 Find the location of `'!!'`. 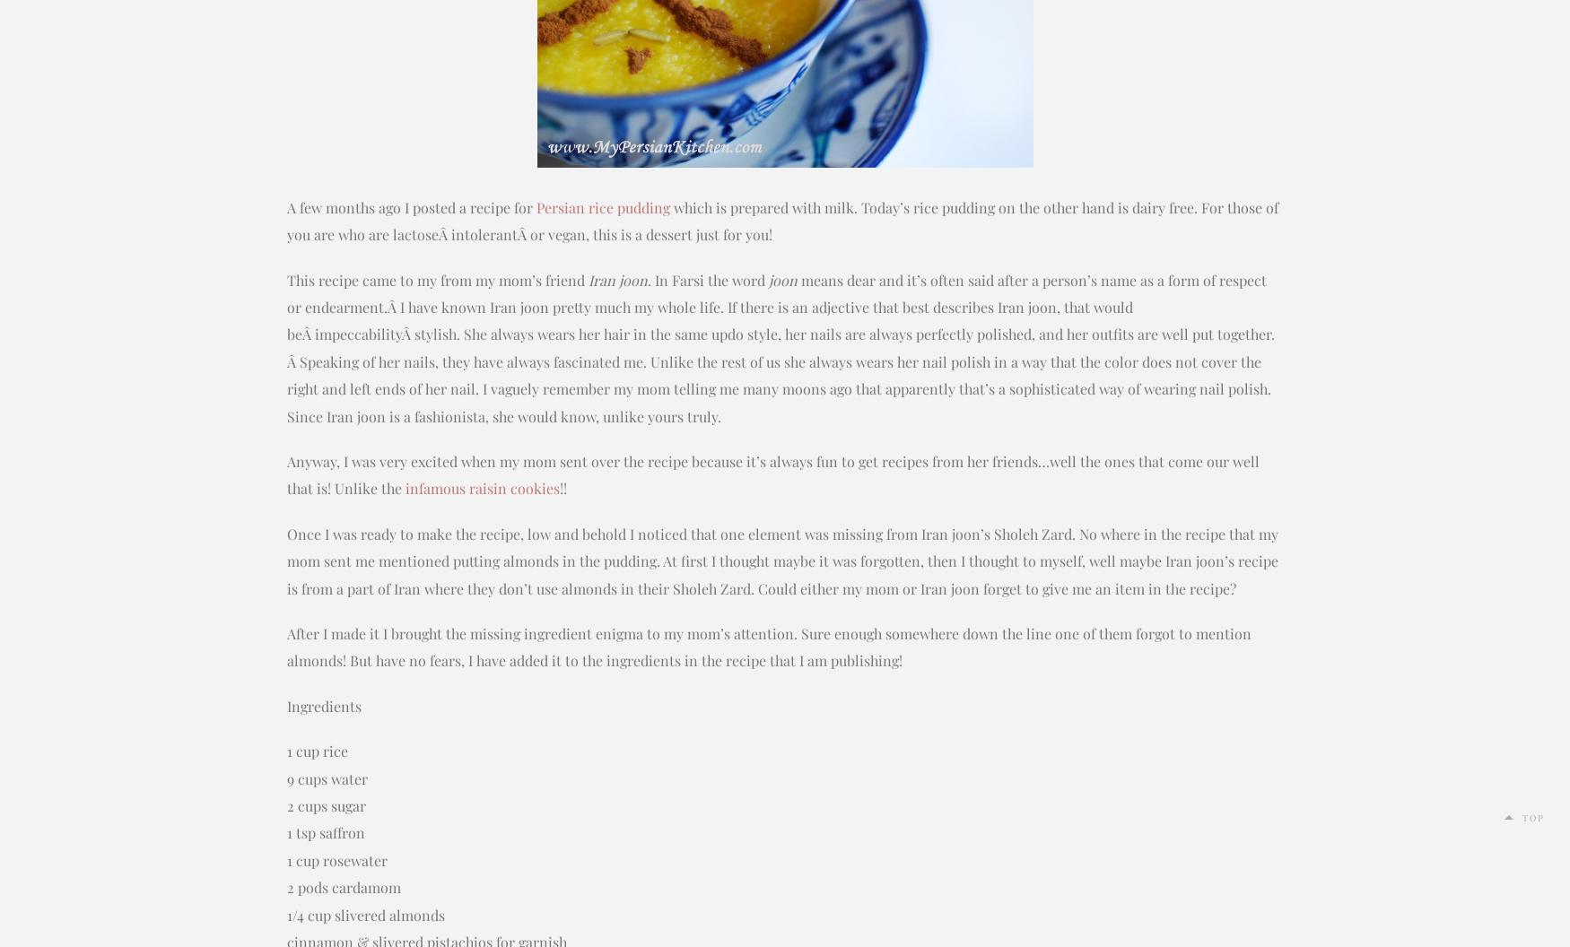

'!!' is located at coordinates (563, 488).